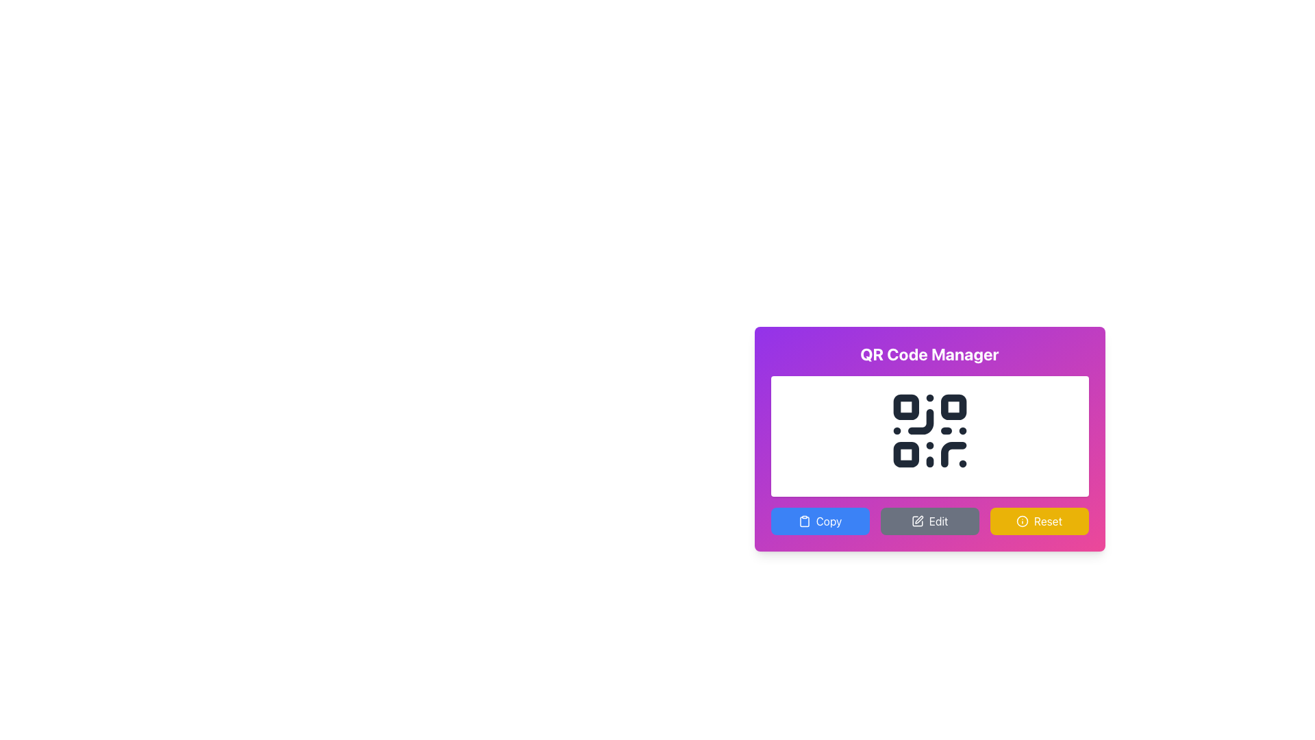 This screenshot has height=740, width=1315. What do you see at coordinates (1022, 521) in the screenshot?
I see `the circular icon with an 'i' symbol in its center, which has a yellow background and white border, located at the leftmost position within the 'Reset' button in the footer area of the 'QR Code Manager' card` at bounding box center [1022, 521].